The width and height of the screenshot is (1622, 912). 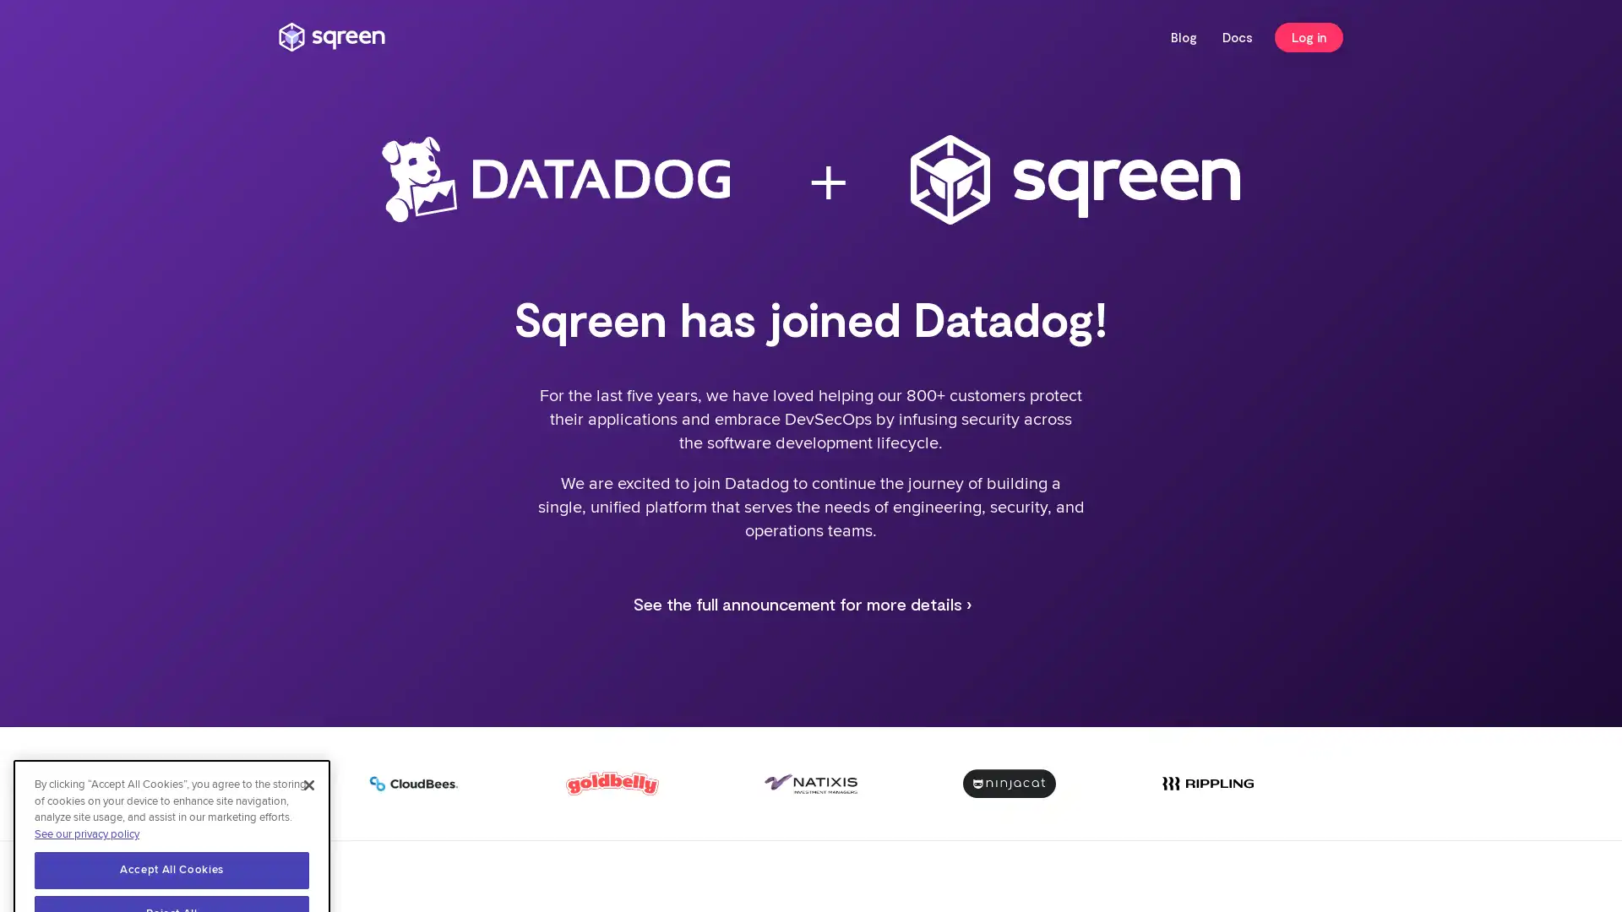 What do you see at coordinates (171, 849) in the screenshot?
I see `Reject All` at bounding box center [171, 849].